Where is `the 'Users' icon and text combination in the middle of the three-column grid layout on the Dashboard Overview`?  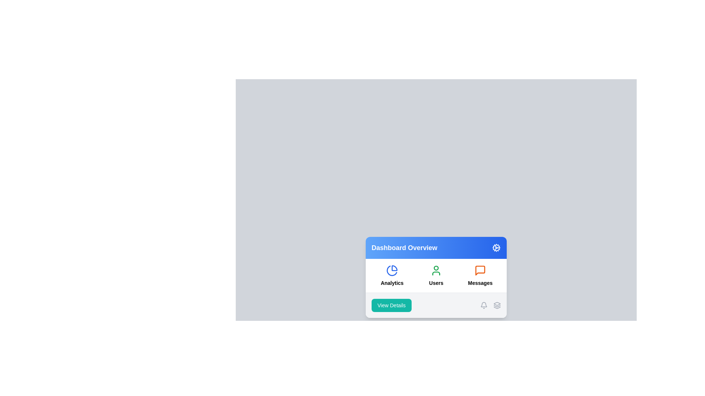
the 'Users' icon and text combination in the middle of the three-column grid layout on the Dashboard Overview is located at coordinates (436, 275).